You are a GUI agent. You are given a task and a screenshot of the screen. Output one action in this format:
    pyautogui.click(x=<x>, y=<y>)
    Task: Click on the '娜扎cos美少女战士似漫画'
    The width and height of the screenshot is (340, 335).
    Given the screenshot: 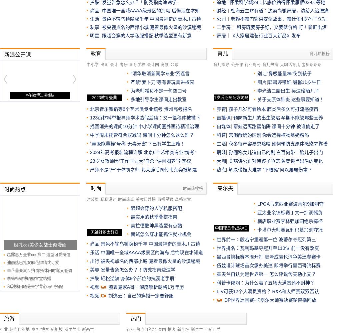 What is the action you would take?
    pyautogui.click(x=40, y=245)
    